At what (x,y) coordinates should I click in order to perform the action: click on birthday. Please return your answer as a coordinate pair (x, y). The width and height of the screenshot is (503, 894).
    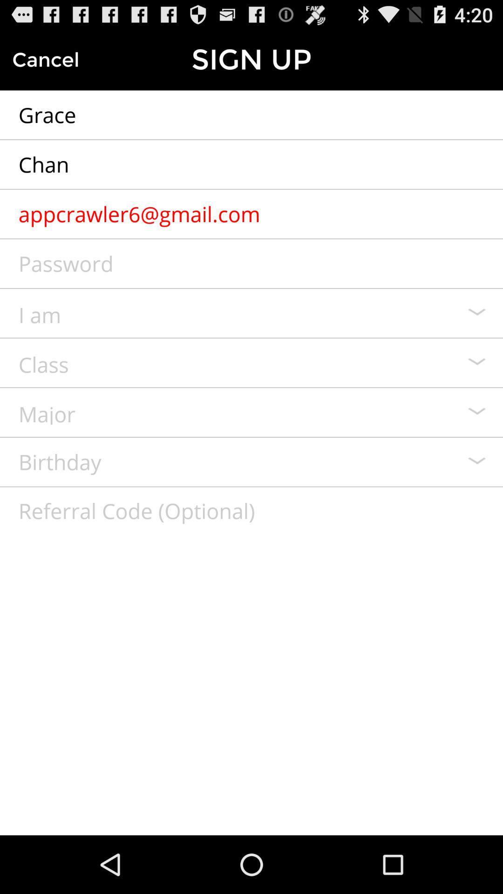
    Looking at the image, I should click on (251, 462).